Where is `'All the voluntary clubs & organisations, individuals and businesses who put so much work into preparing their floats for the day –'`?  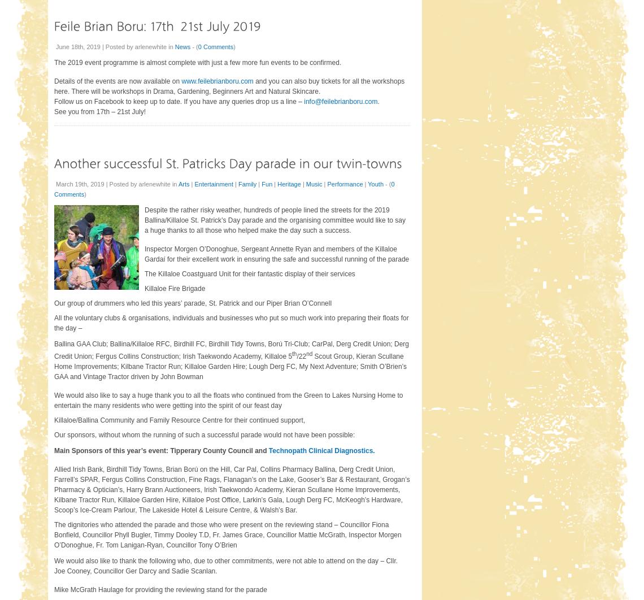 'All the voluntary clubs & organisations, individuals and businesses who put so much work into preparing their floats for the day –' is located at coordinates (230, 323).